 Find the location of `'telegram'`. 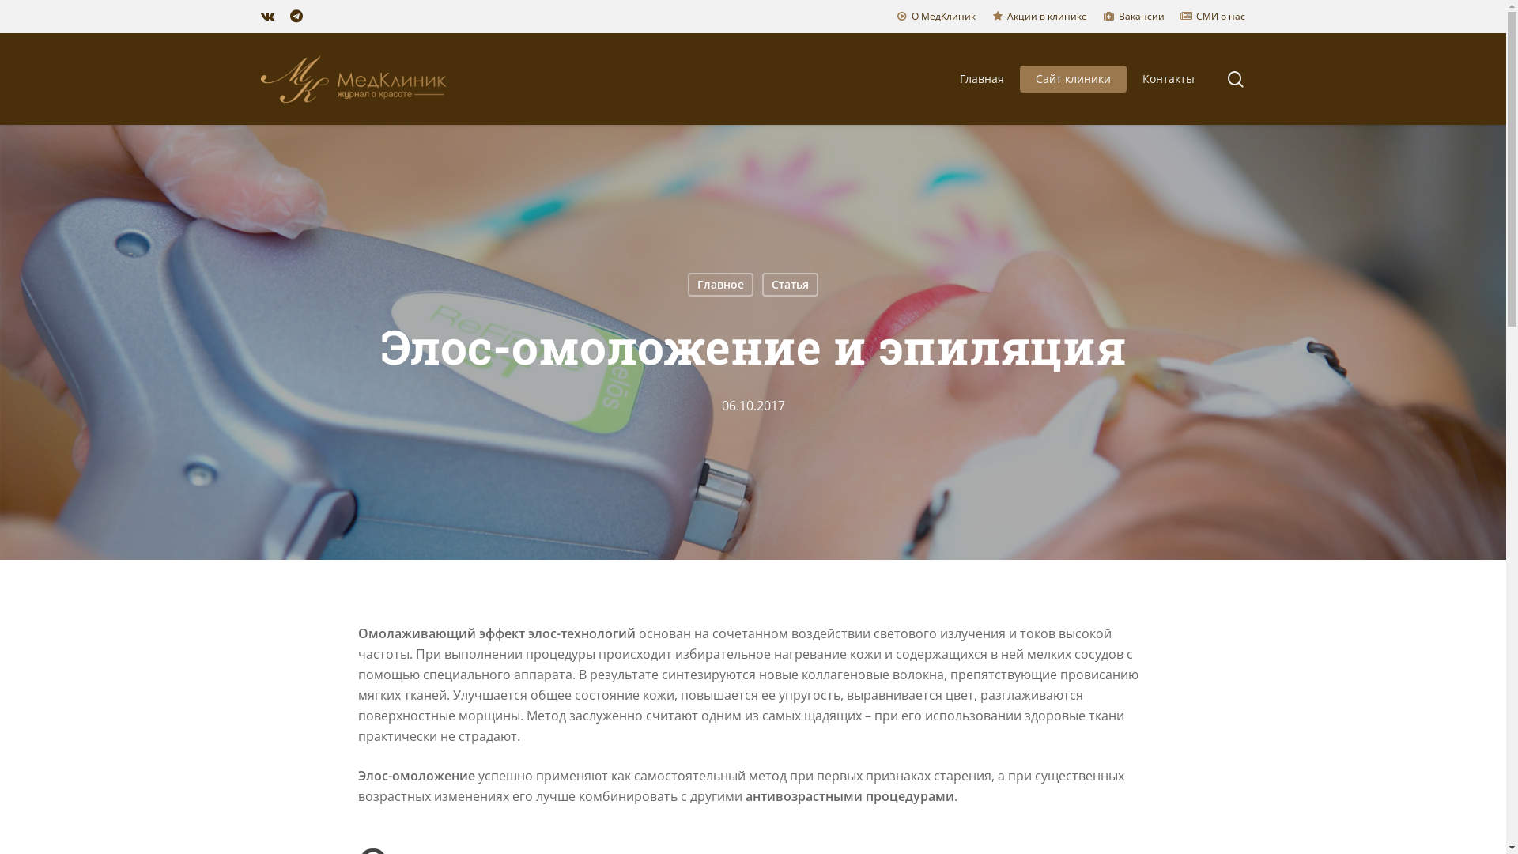

'telegram' is located at coordinates (296, 16).